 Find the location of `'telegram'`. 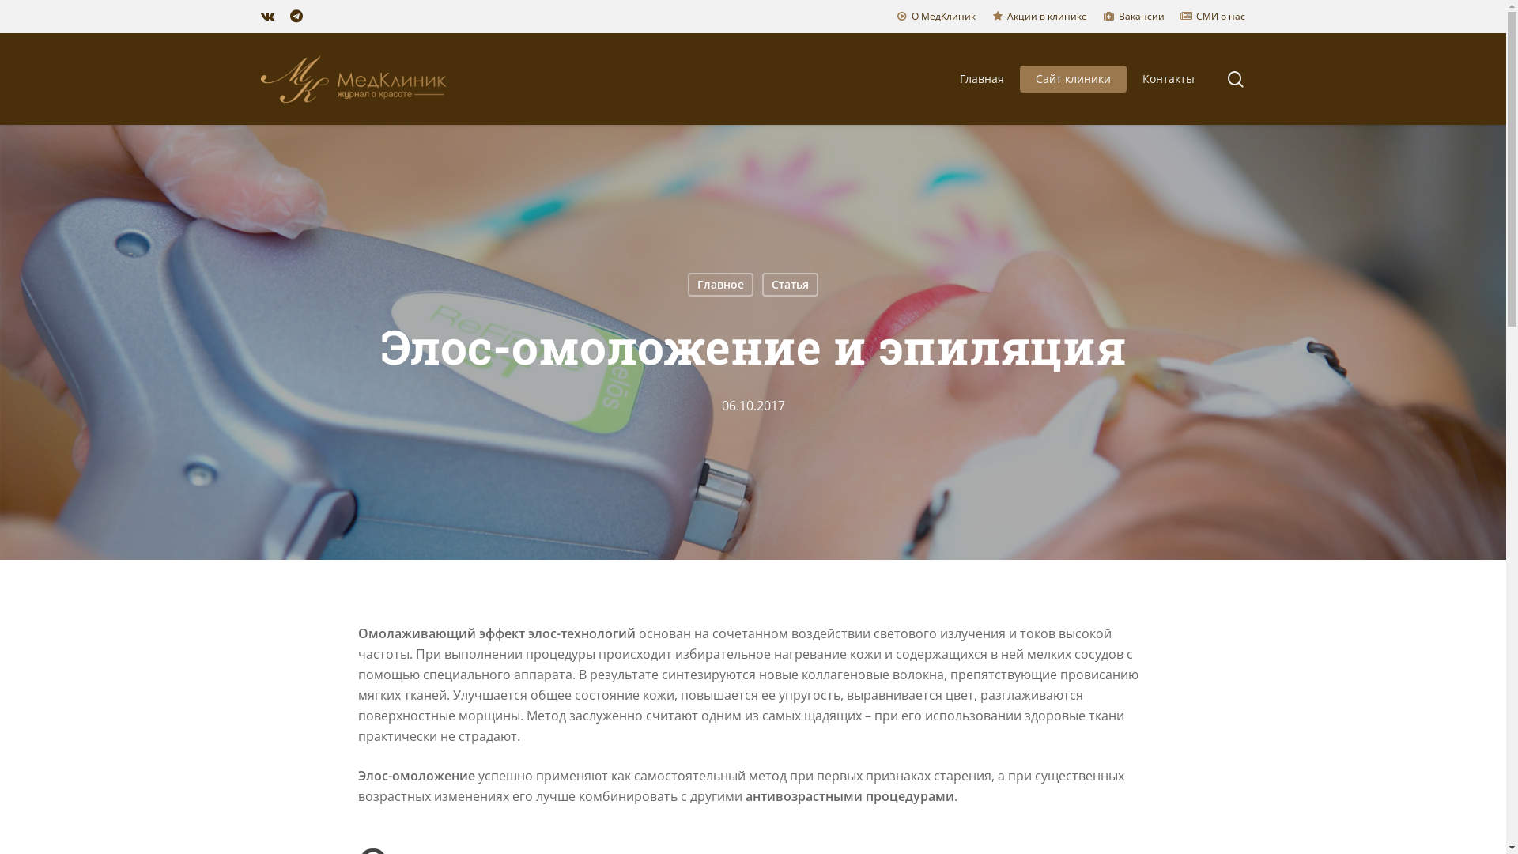

'telegram' is located at coordinates (296, 16).